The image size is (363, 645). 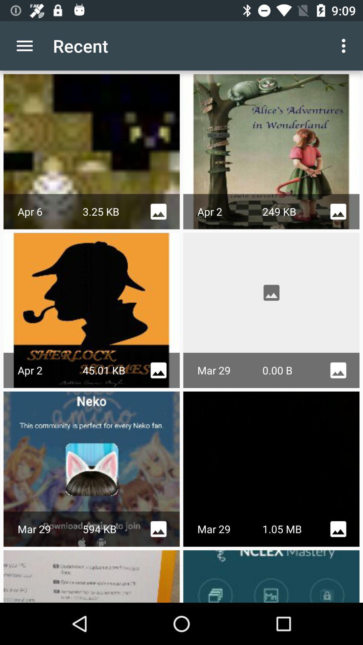 What do you see at coordinates (345, 45) in the screenshot?
I see `the item to the right of the recent item` at bounding box center [345, 45].